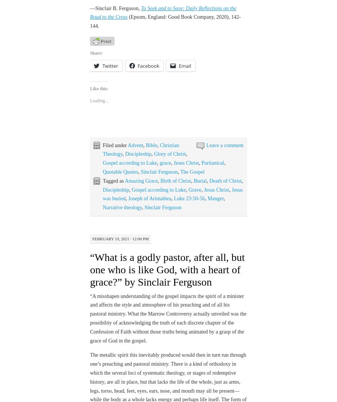 This screenshot has width=337, height=402. Describe the element at coordinates (96, 52) in the screenshot. I see `'Share:'` at that location.